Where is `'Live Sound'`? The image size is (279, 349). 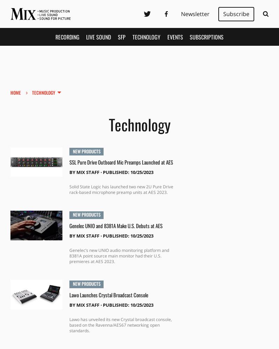 'Live Sound' is located at coordinates (86, 36).